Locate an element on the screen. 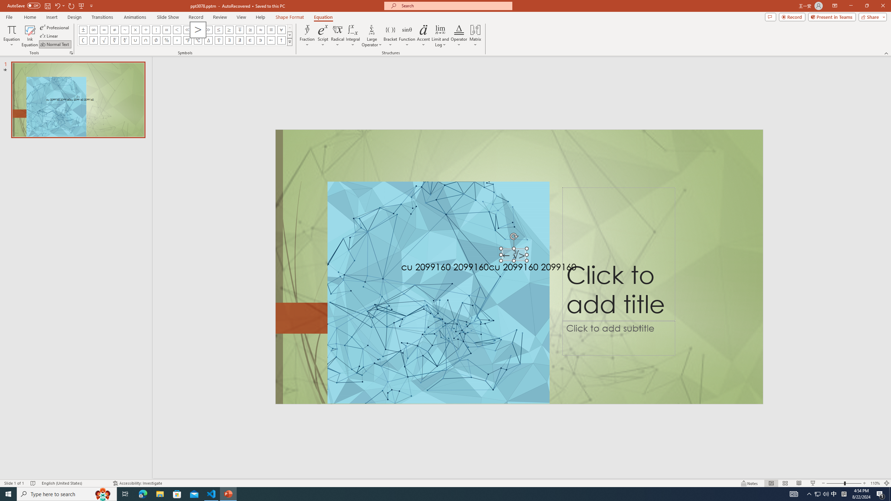  'Equation Symbol Approximately Equal To' is located at coordinates (250, 29).